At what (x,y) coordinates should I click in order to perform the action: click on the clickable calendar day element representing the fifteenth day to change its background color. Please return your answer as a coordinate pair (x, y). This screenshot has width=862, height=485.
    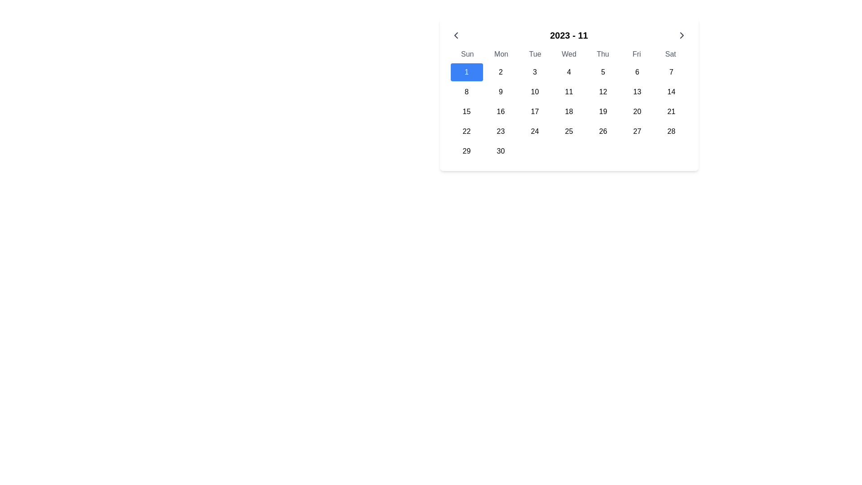
    Looking at the image, I should click on (466, 111).